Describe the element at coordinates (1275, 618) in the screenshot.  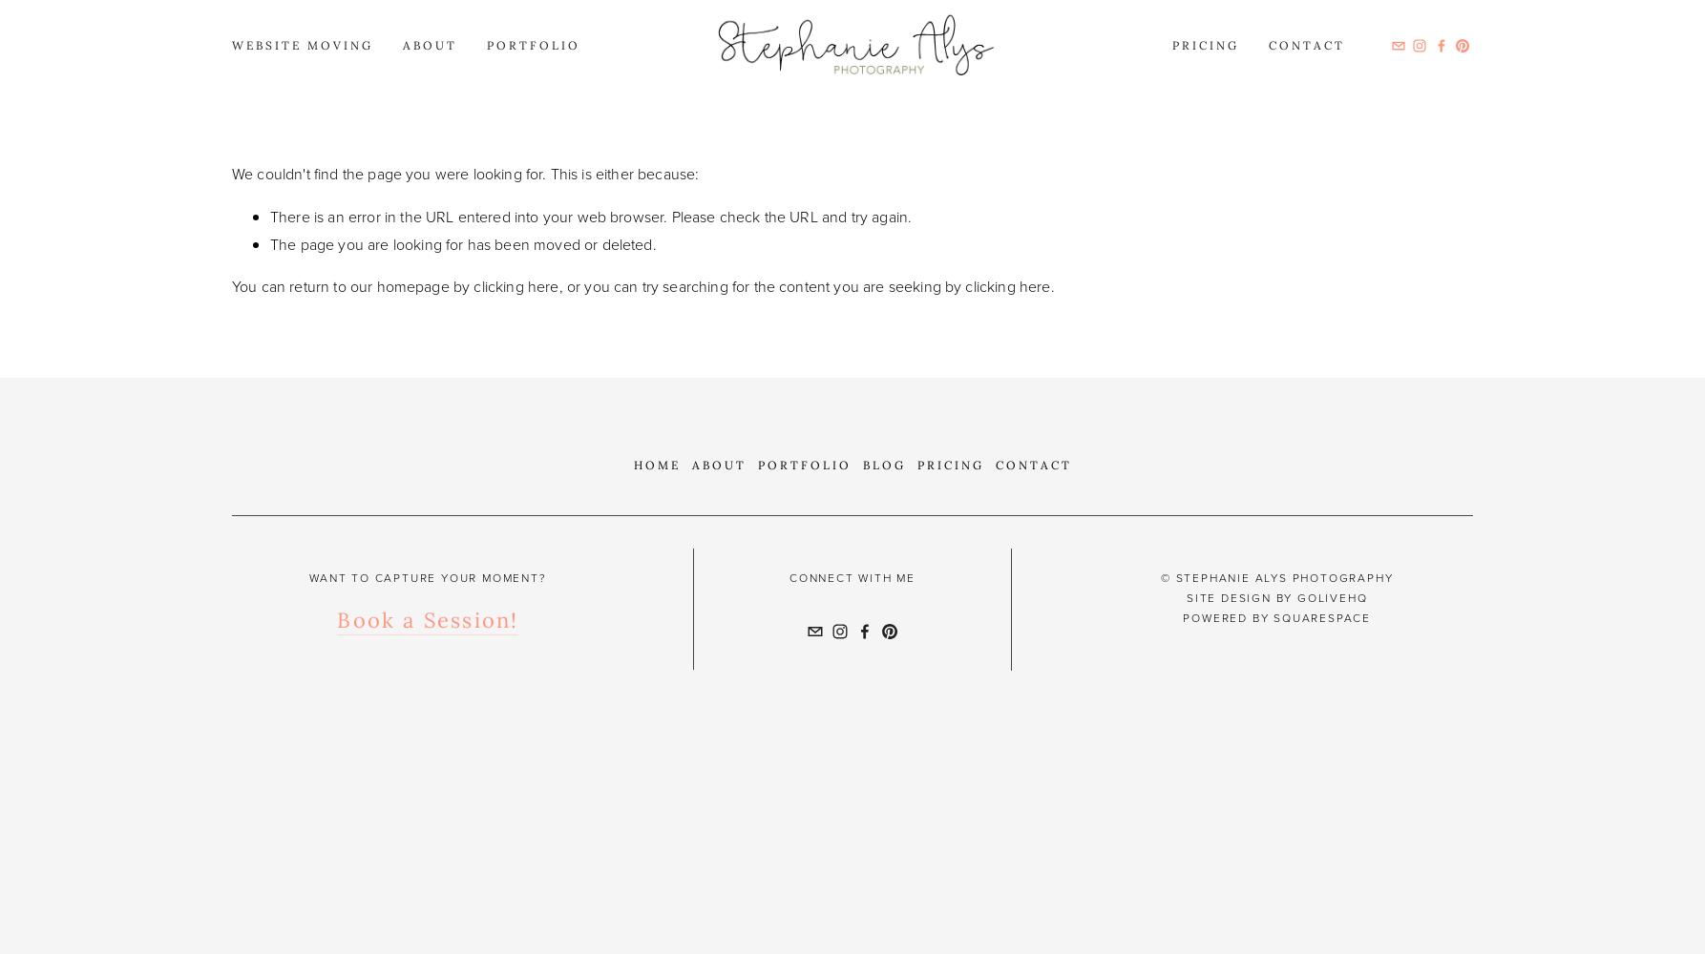
I see `'POWERED BY SQUARESPACE'` at that location.